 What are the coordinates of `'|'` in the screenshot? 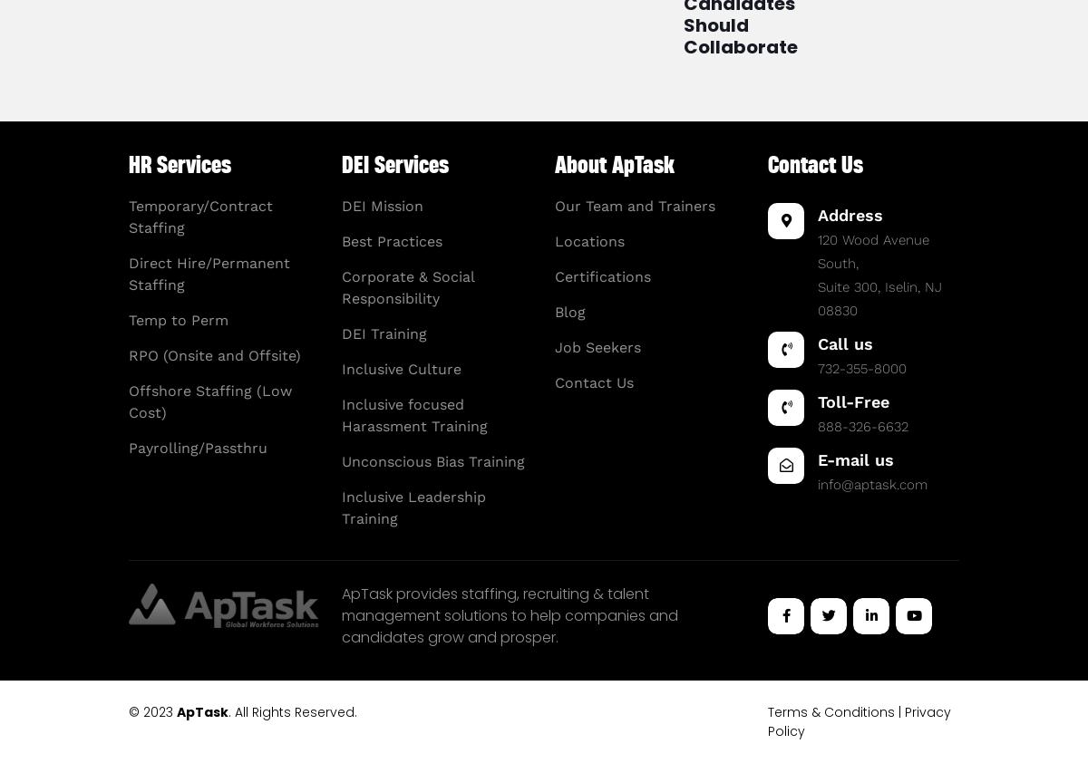 It's located at (899, 710).